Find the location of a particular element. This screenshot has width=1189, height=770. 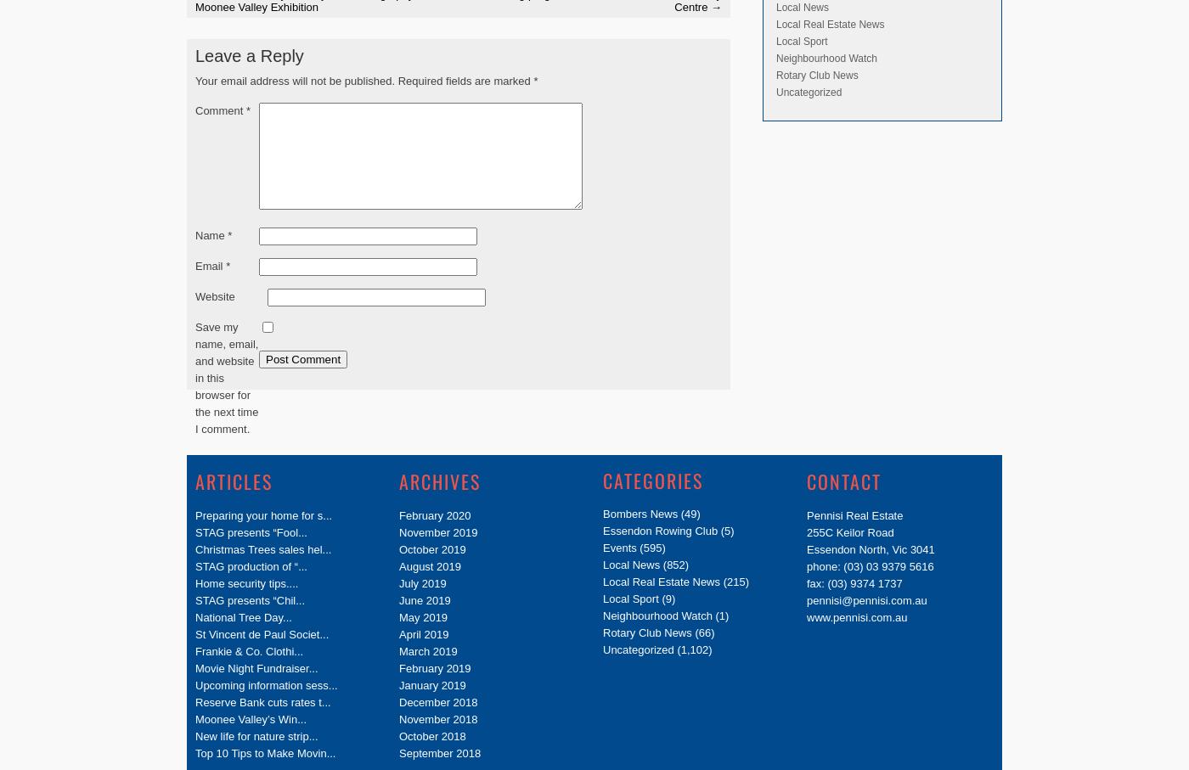

'Your email address will not be published.' is located at coordinates (295, 79).